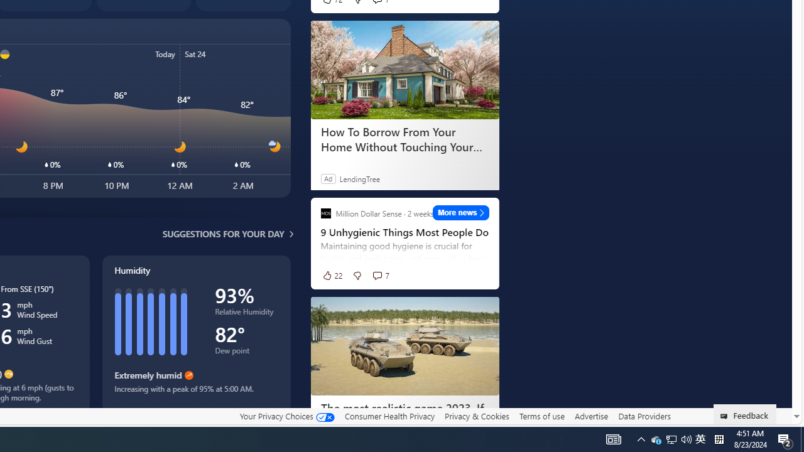  Describe the element at coordinates (389, 416) in the screenshot. I see `'Consumer Health Privacy'` at that location.